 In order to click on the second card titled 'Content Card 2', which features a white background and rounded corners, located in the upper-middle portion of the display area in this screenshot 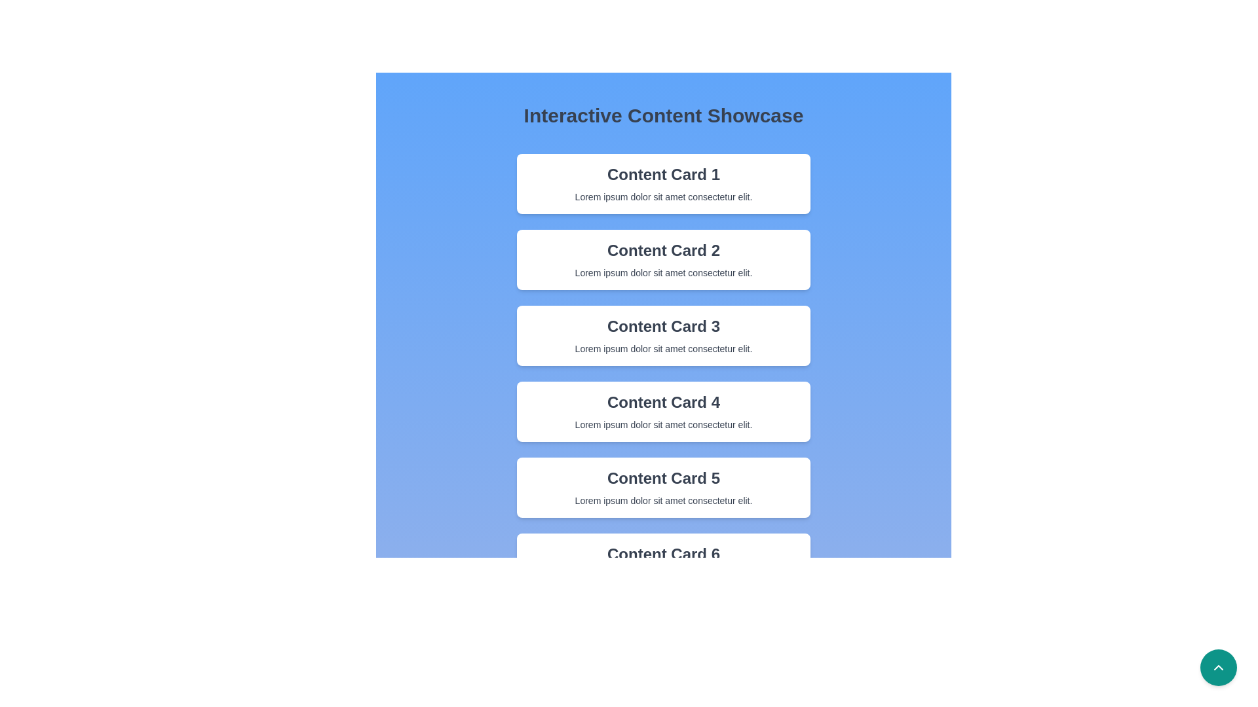, I will do `click(663, 260)`.